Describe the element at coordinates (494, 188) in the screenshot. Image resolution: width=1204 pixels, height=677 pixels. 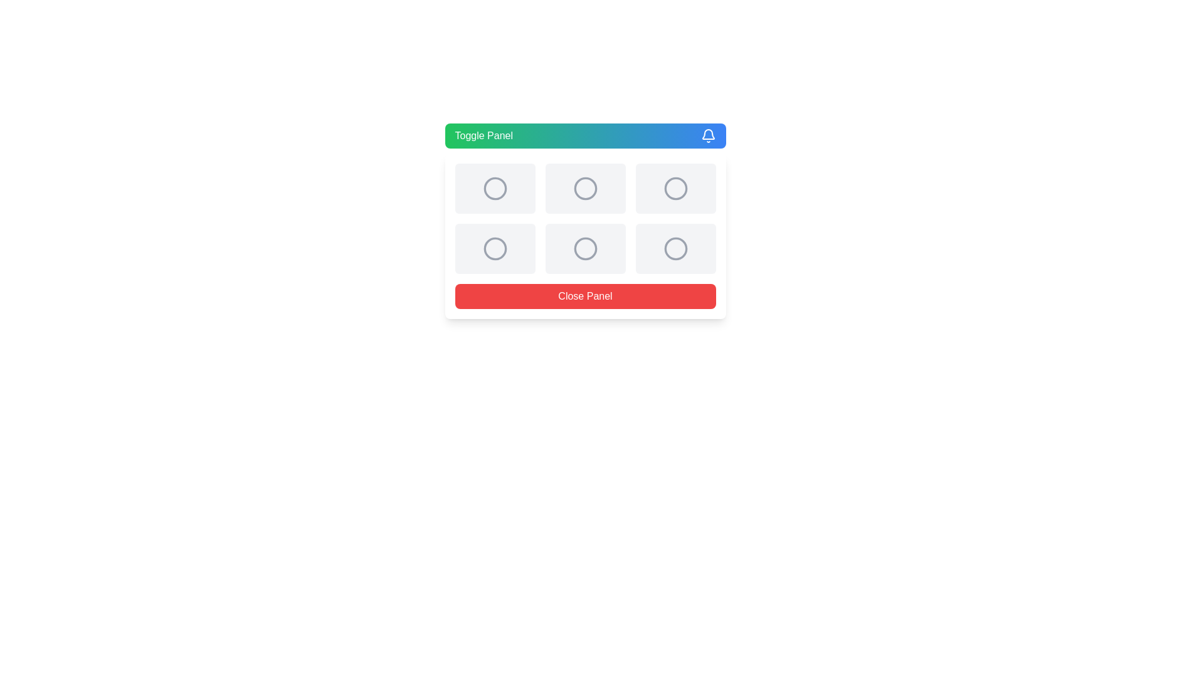
I see `the Circle icon located at the top-left corner of the 3x2 grid, which has a gray outline and a white center` at that location.